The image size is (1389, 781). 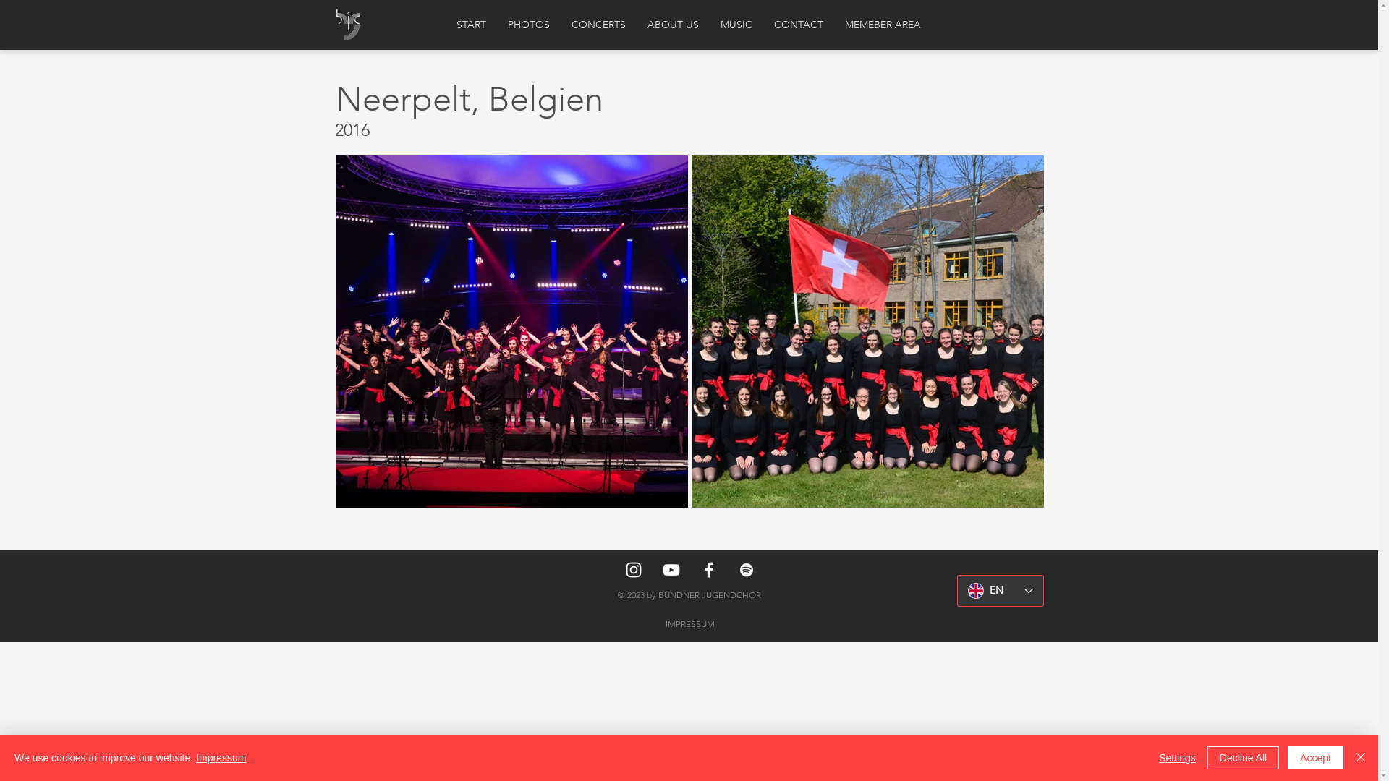 What do you see at coordinates (736, 25) in the screenshot?
I see `'MUSIC'` at bounding box center [736, 25].